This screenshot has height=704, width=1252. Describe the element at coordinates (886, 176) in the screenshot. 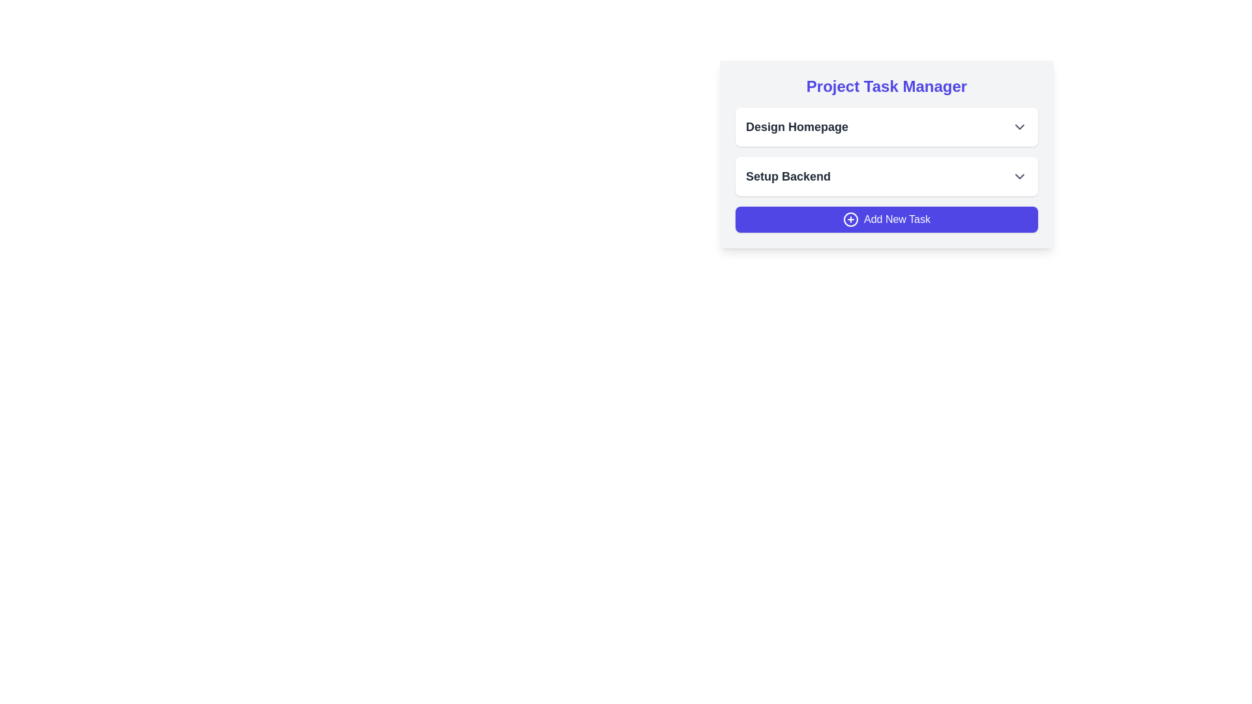

I see `the 'Setup Backend' dropdown menu button` at that location.